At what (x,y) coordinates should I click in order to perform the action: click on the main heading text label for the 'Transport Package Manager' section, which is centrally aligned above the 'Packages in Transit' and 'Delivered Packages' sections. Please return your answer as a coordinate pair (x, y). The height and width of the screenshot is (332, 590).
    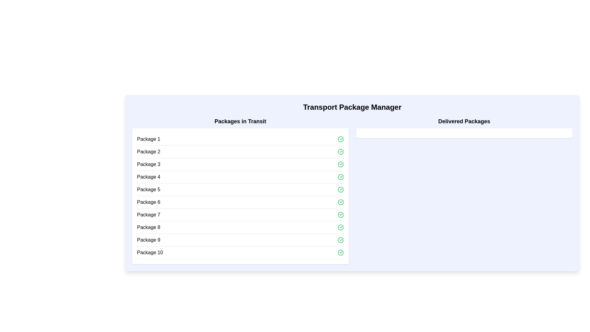
    Looking at the image, I should click on (352, 107).